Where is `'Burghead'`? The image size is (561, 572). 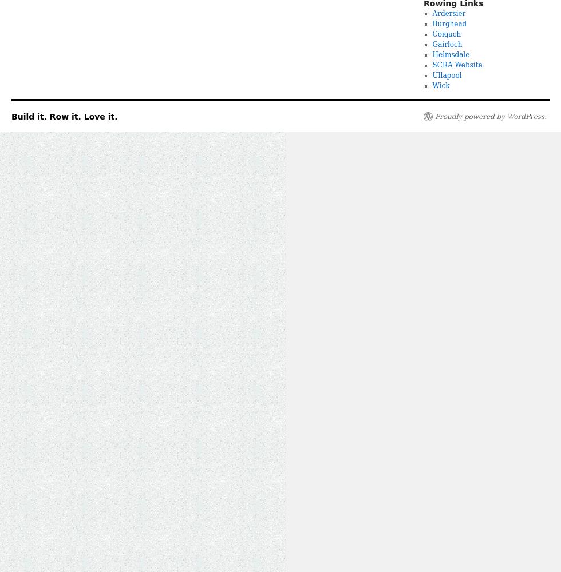
'Burghead' is located at coordinates (449, 24).